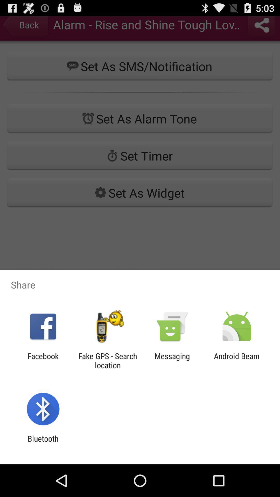 The width and height of the screenshot is (280, 497). I want to click on icon to the right of facebook item, so click(107, 360).